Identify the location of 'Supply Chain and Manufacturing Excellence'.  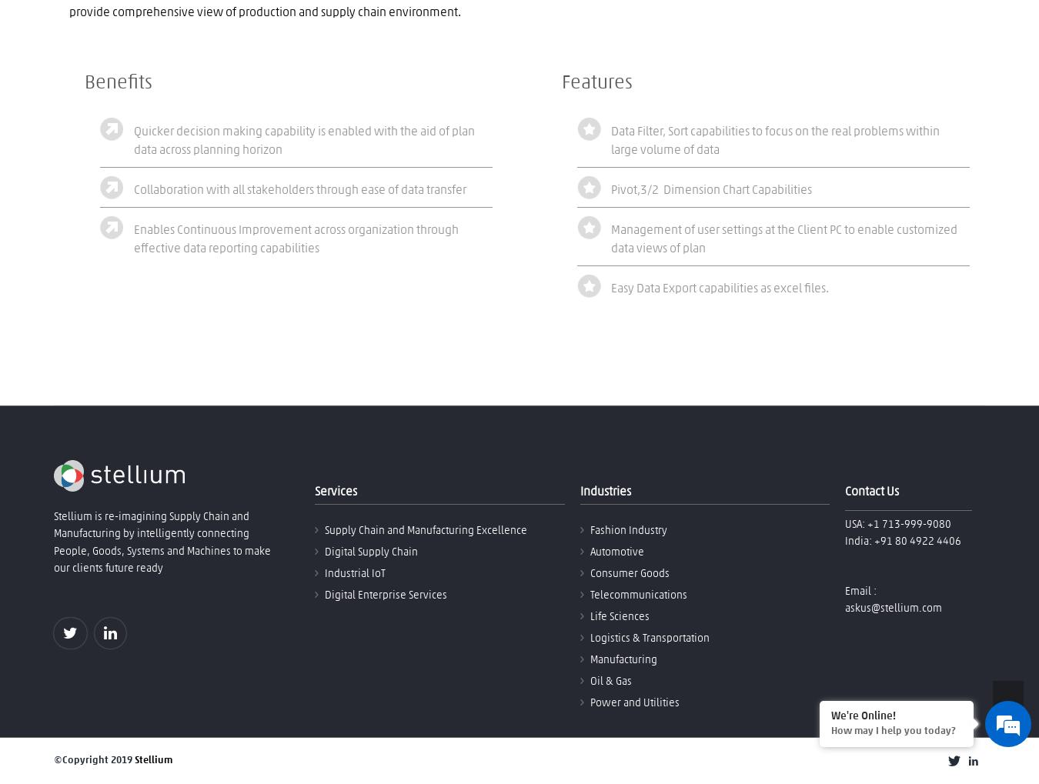
(425, 529).